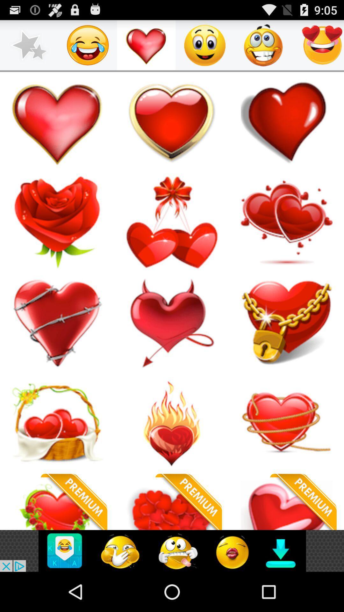  I want to click on the emoji icon, so click(205, 48).